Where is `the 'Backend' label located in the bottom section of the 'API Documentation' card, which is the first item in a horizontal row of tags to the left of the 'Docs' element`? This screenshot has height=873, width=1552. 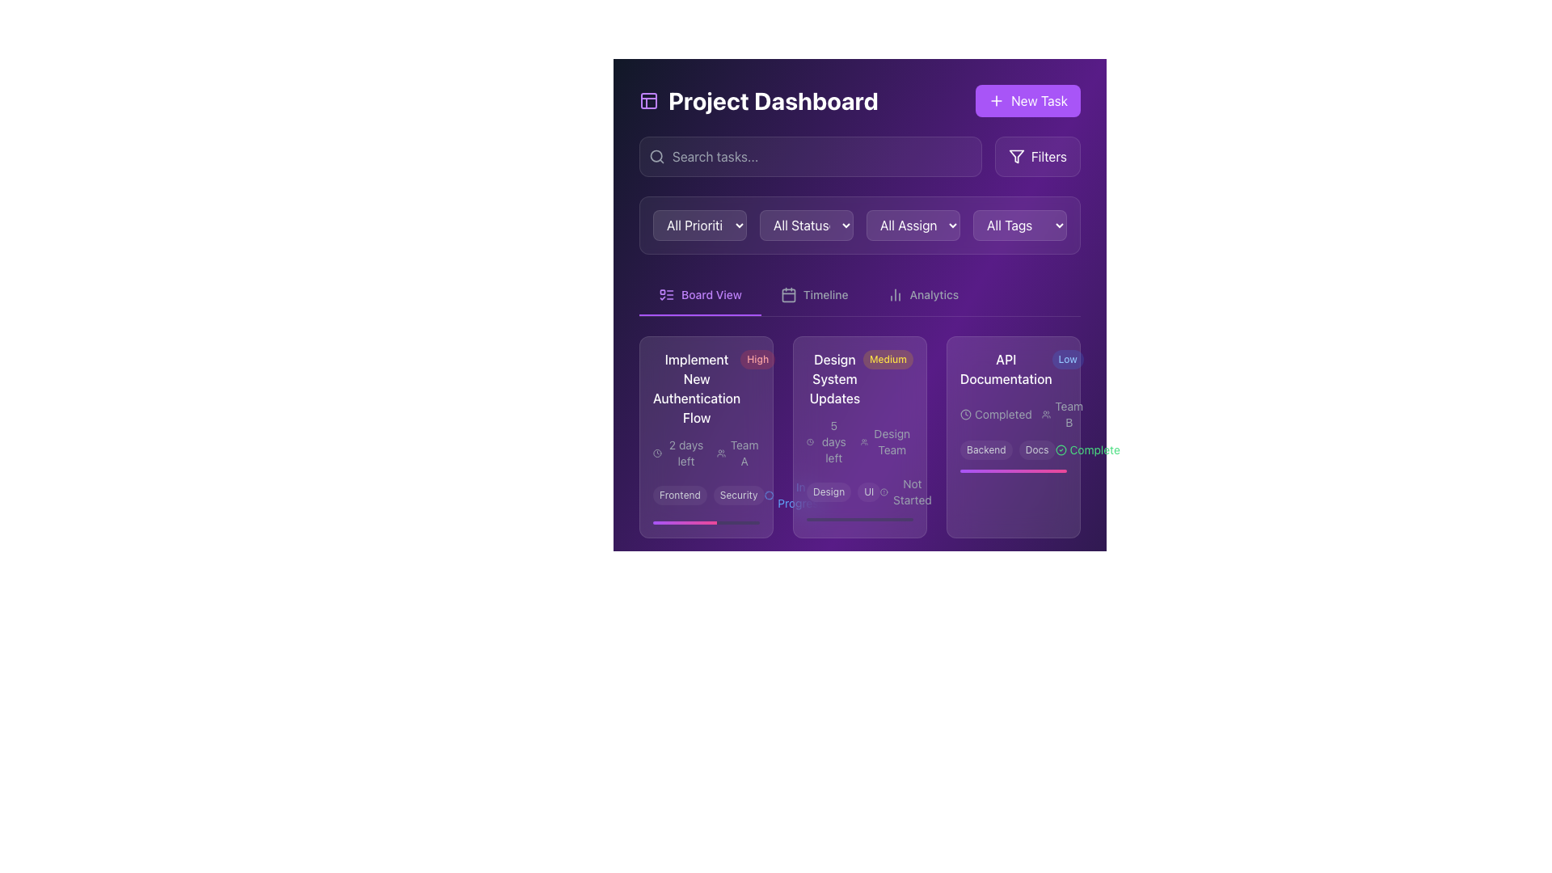 the 'Backend' label located in the bottom section of the 'API Documentation' card, which is the first item in a horizontal row of tags to the left of the 'Docs' element is located at coordinates (985, 449).